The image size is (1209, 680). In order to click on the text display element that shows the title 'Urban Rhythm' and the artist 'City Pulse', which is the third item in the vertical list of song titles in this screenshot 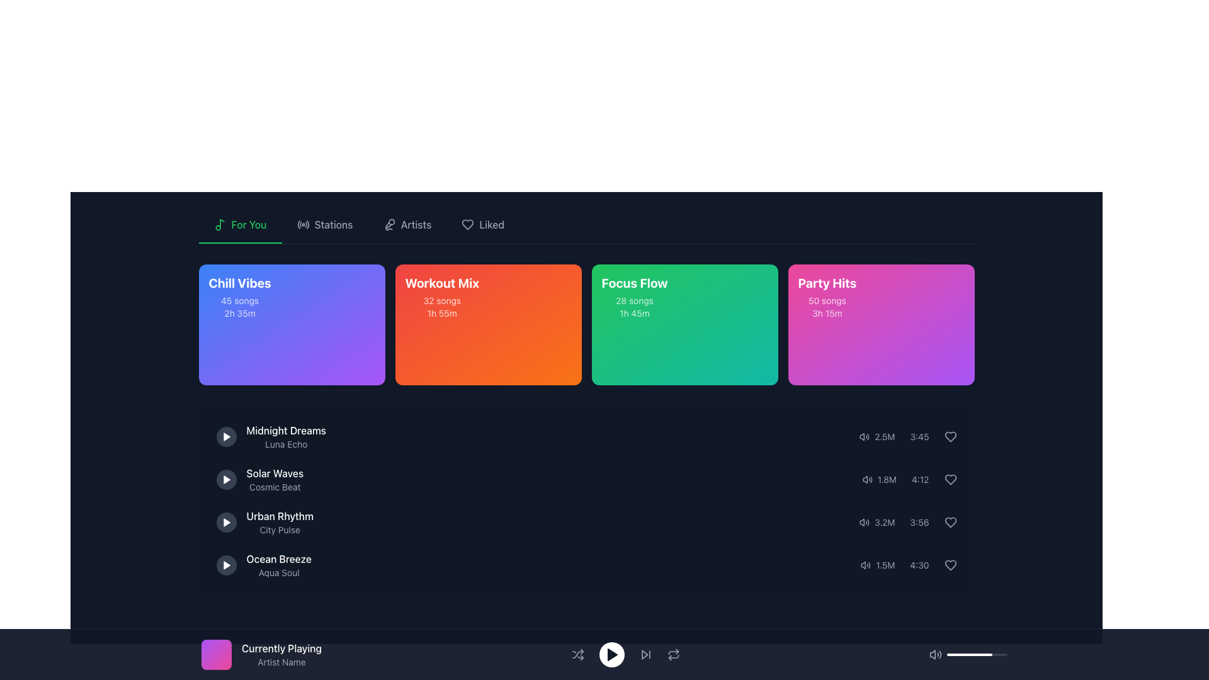, I will do `click(279, 522)`.